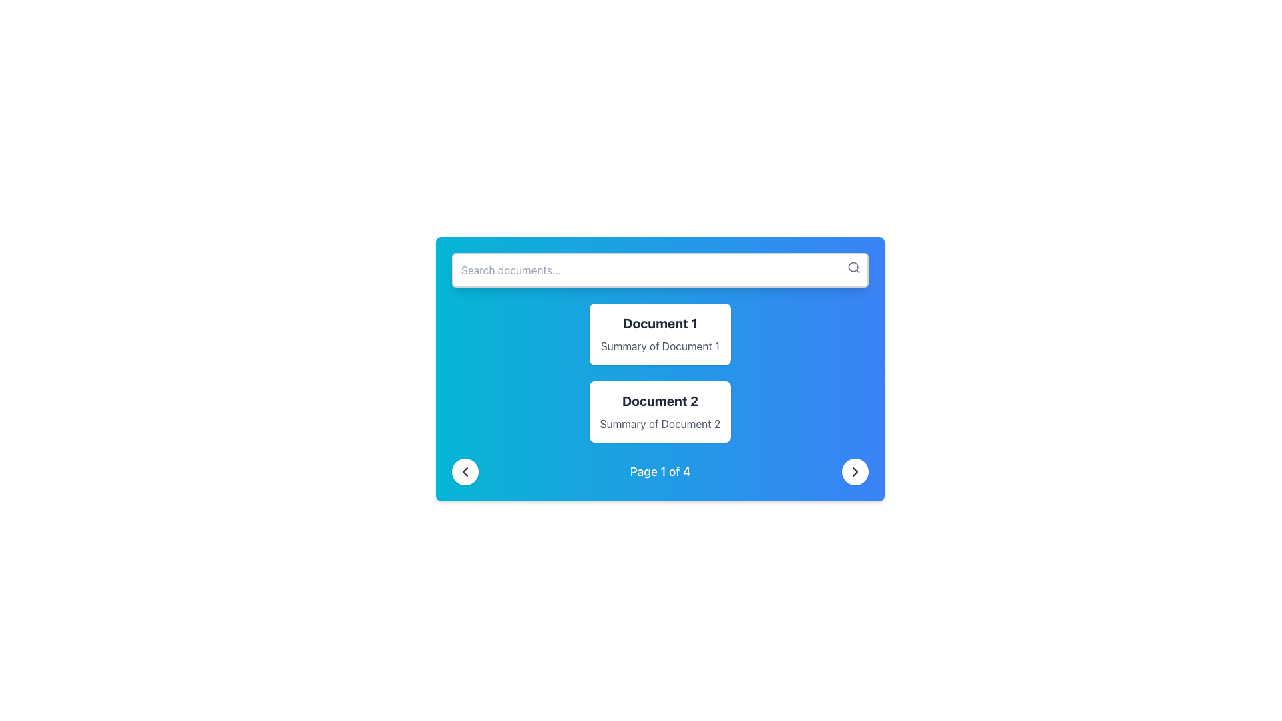 This screenshot has width=1282, height=721. What do you see at coordinates (855, 471) in the screenshot?
I see `the rightward chevron icon within the blue panel` at bounding box center [855, 471].